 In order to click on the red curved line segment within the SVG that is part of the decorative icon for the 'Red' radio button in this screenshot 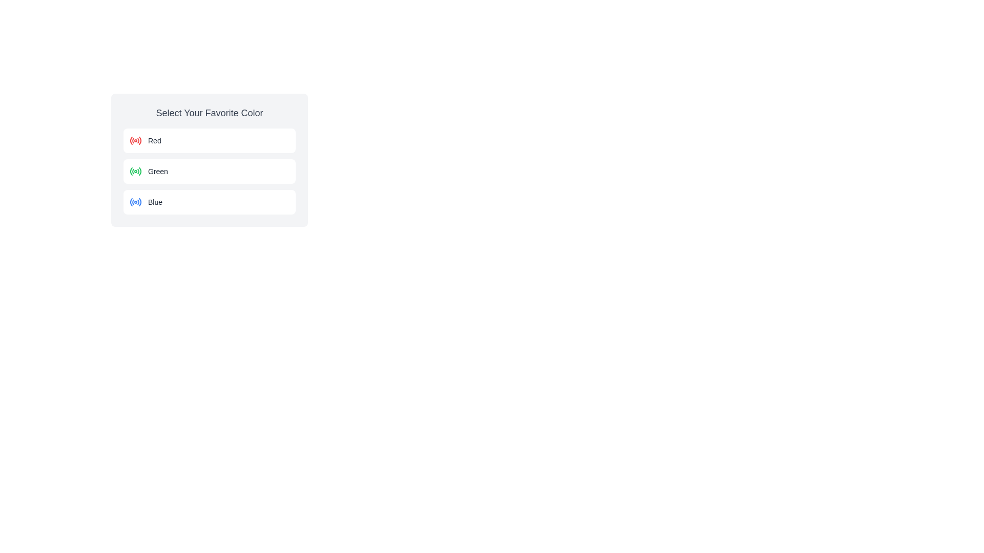, I will do `click(131, 140)`.